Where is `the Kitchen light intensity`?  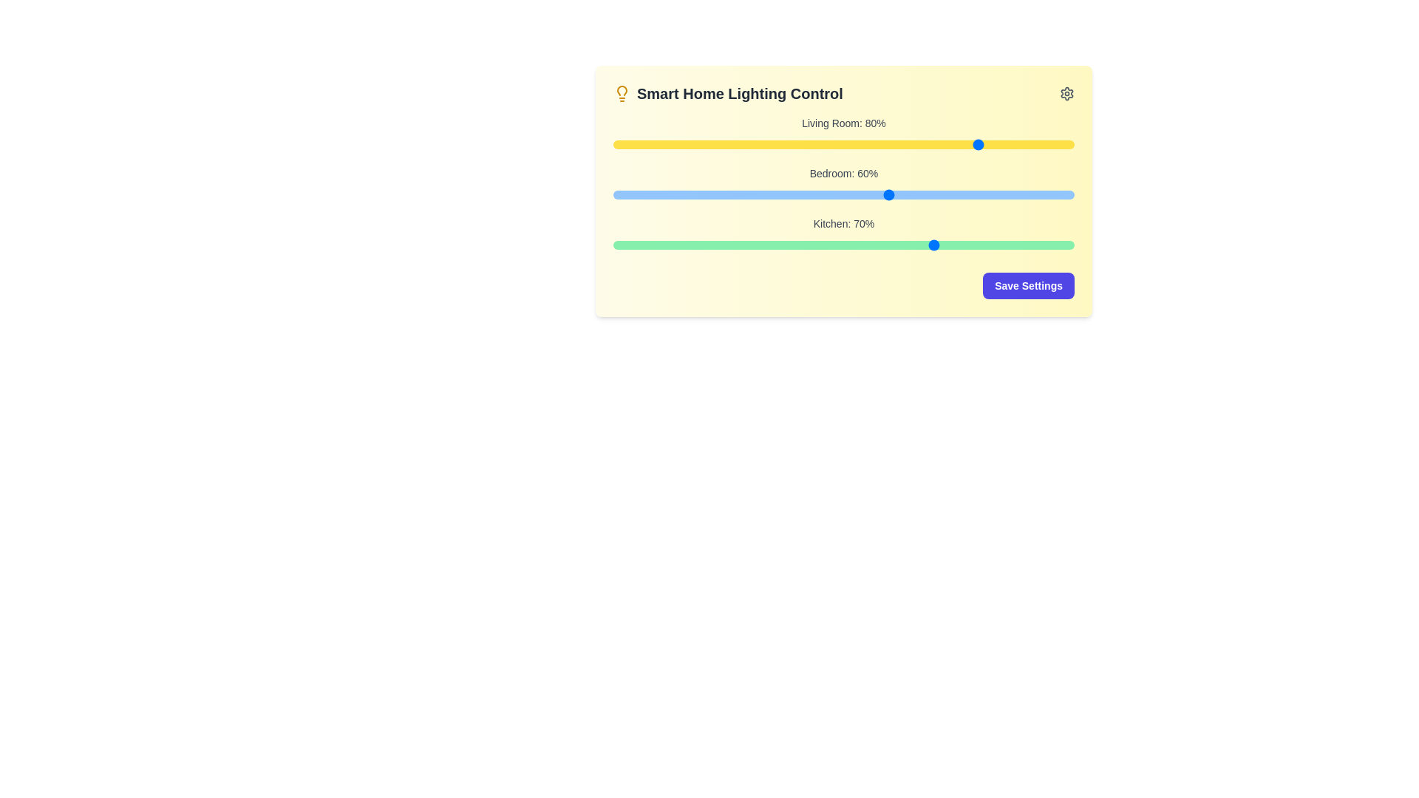
the Kitchen light intensity is located at coordinates (876, 244).